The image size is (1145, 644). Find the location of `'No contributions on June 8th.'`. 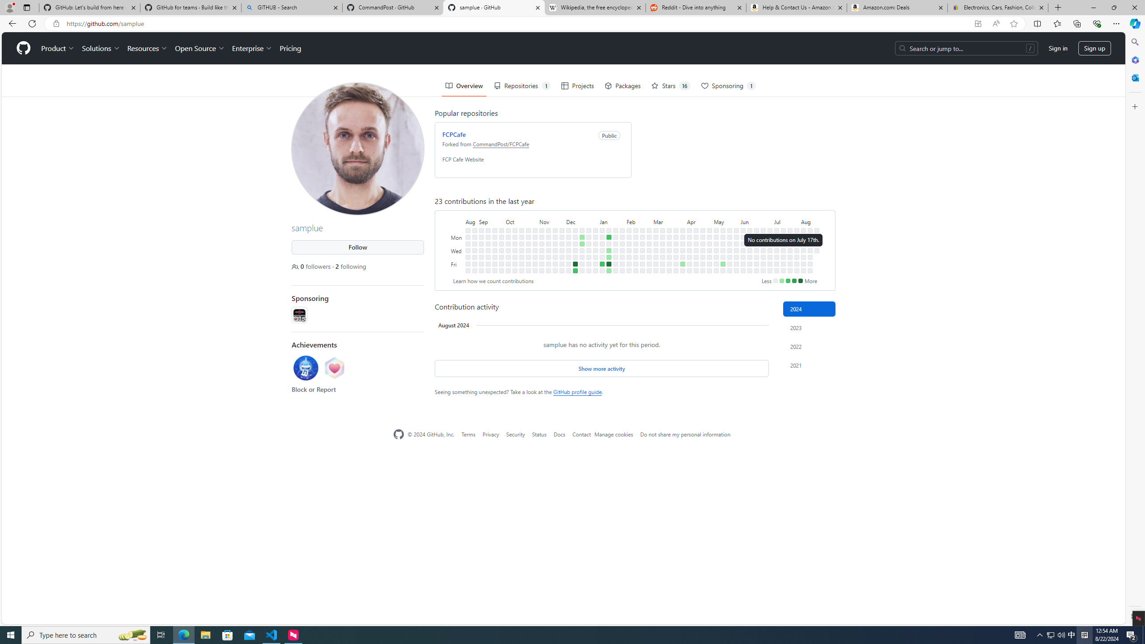

'No contributions on June 8th.' is located at coordinates (742, 270).